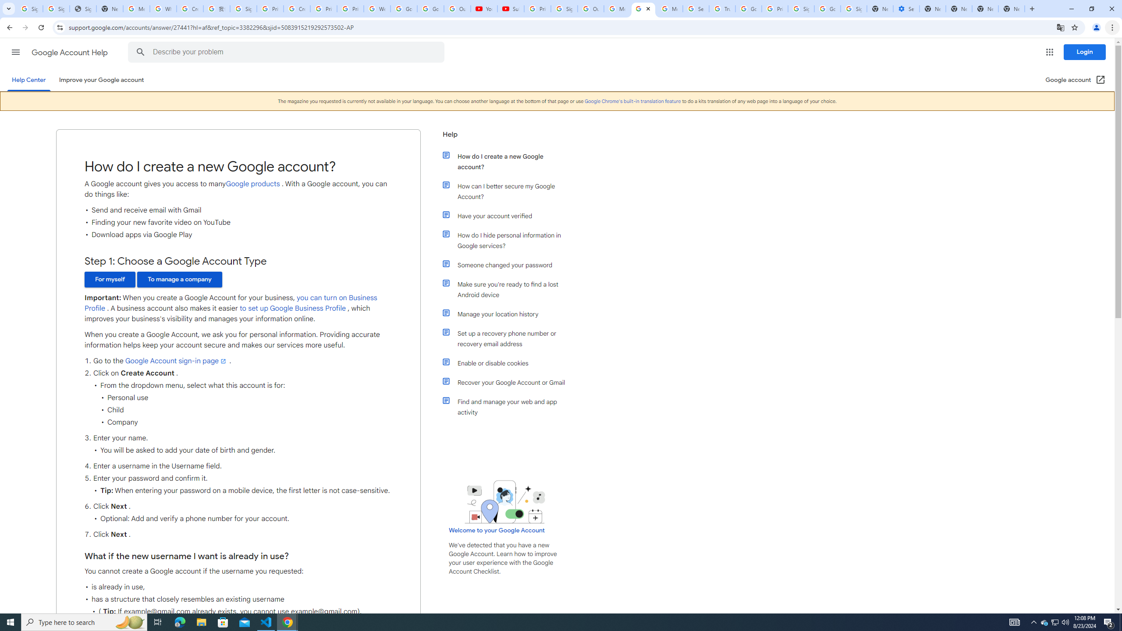 This screenshot has width=1122, height=631. What do you see at coordinates (497, 530) in the screenshot?
I see `'Welcome to your Google Account'` at bounding box center [497, 530].